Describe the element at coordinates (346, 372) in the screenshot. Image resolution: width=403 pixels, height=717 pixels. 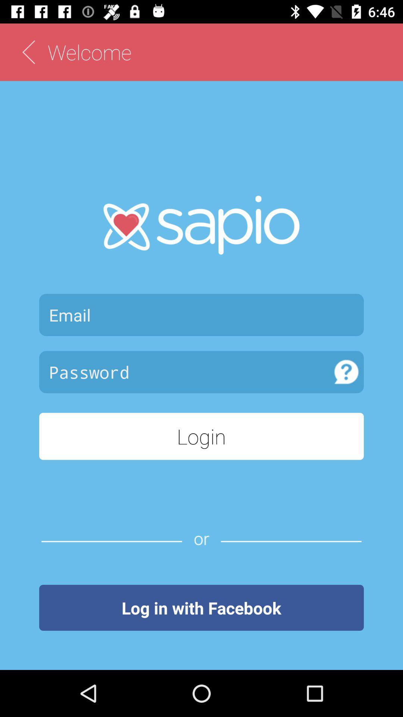
I see `know password rule` at that location.